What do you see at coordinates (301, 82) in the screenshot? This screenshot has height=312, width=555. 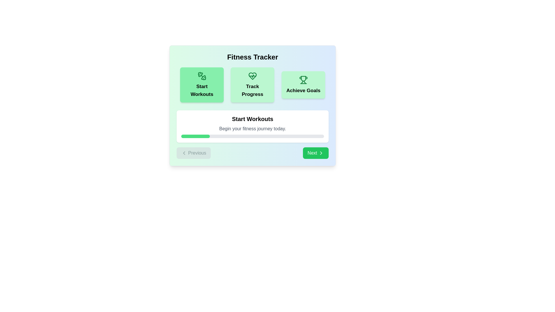 I see `the left handle of the trophy icon within the 'Achieve Goals' button, which is the rightmost button in a set of three buttons` at bounding box center [301, 82].